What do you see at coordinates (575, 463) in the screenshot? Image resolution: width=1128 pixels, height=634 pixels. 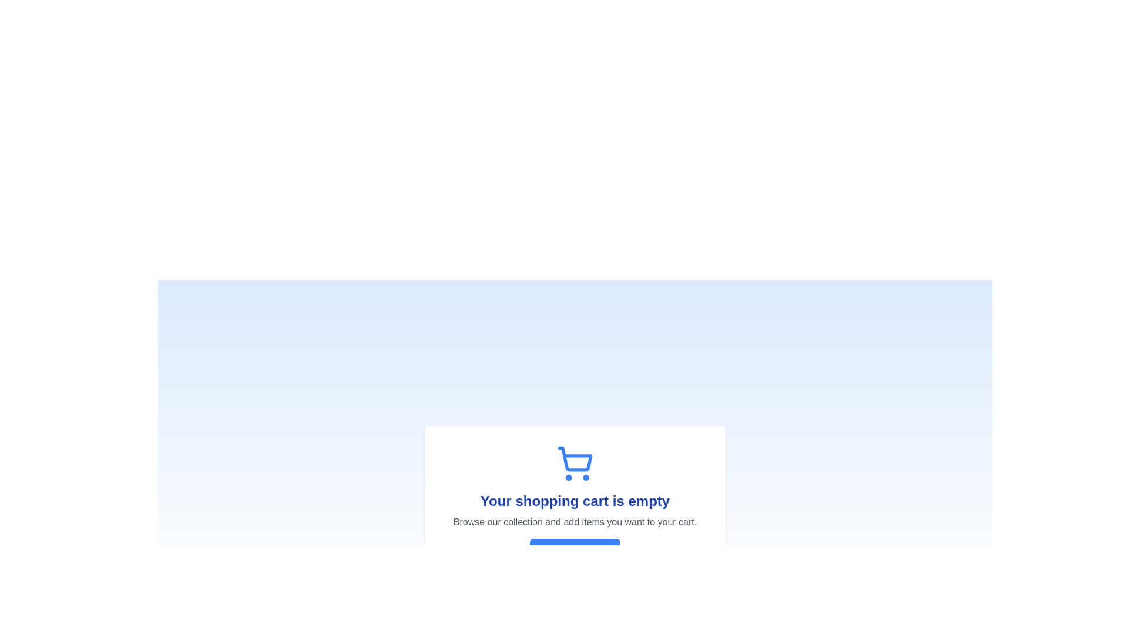 I see `the blue shopping cart icon, which is centrally placed within a white card and directly above the text 'Your shopping cart is empty'` at bounding box center [575, 463].